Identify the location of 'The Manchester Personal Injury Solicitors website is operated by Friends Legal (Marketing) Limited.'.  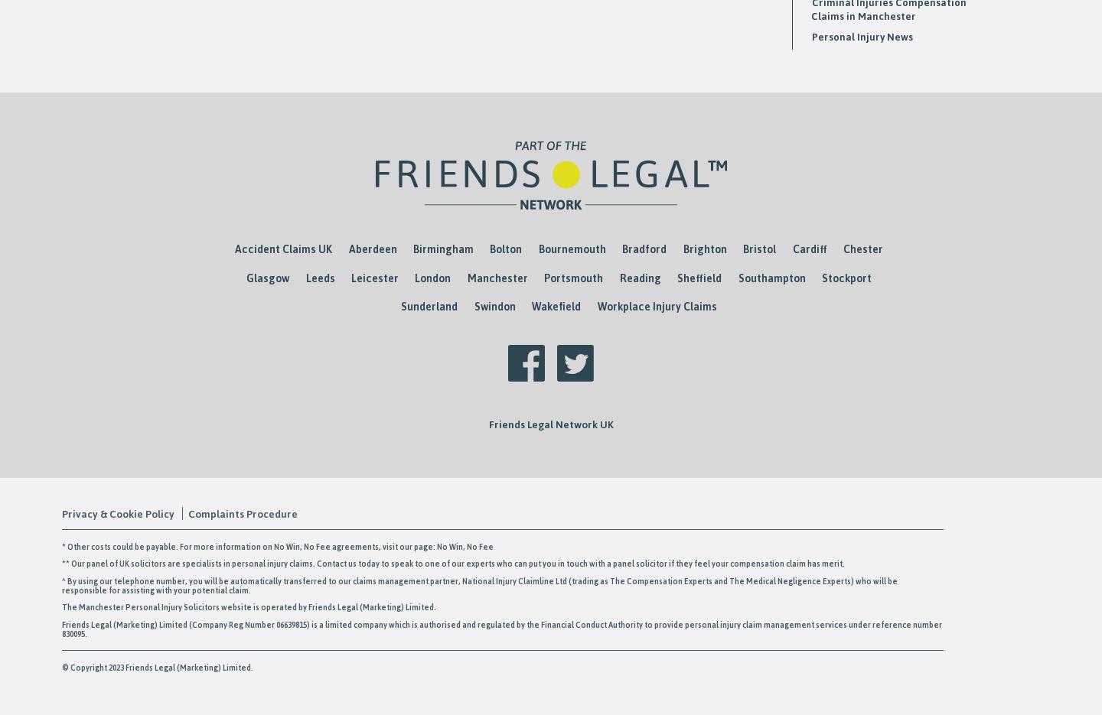
(296, 606).